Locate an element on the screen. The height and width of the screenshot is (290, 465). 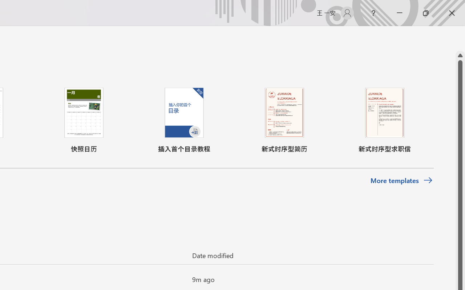
'Line up' is located at coordinates (460, 55).